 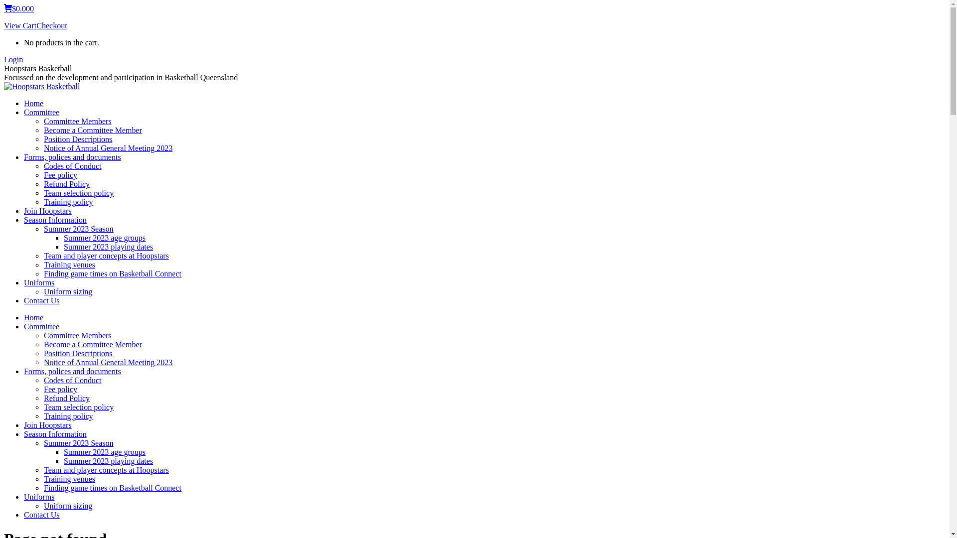 What do you see at coordinates (93, 130) in the screenshot?
I see `'Become a Committee Member'` at bounding box center [93, 130].